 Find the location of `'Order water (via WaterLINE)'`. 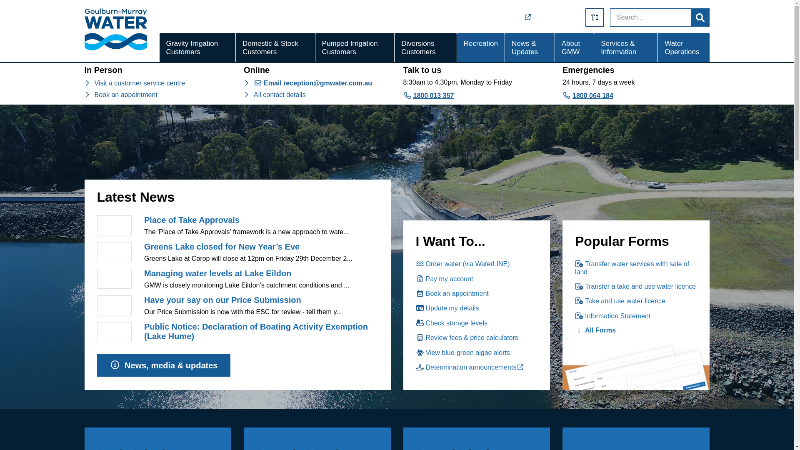

'Order water (via WaterLINE)' is located at coordinates (462, 264).